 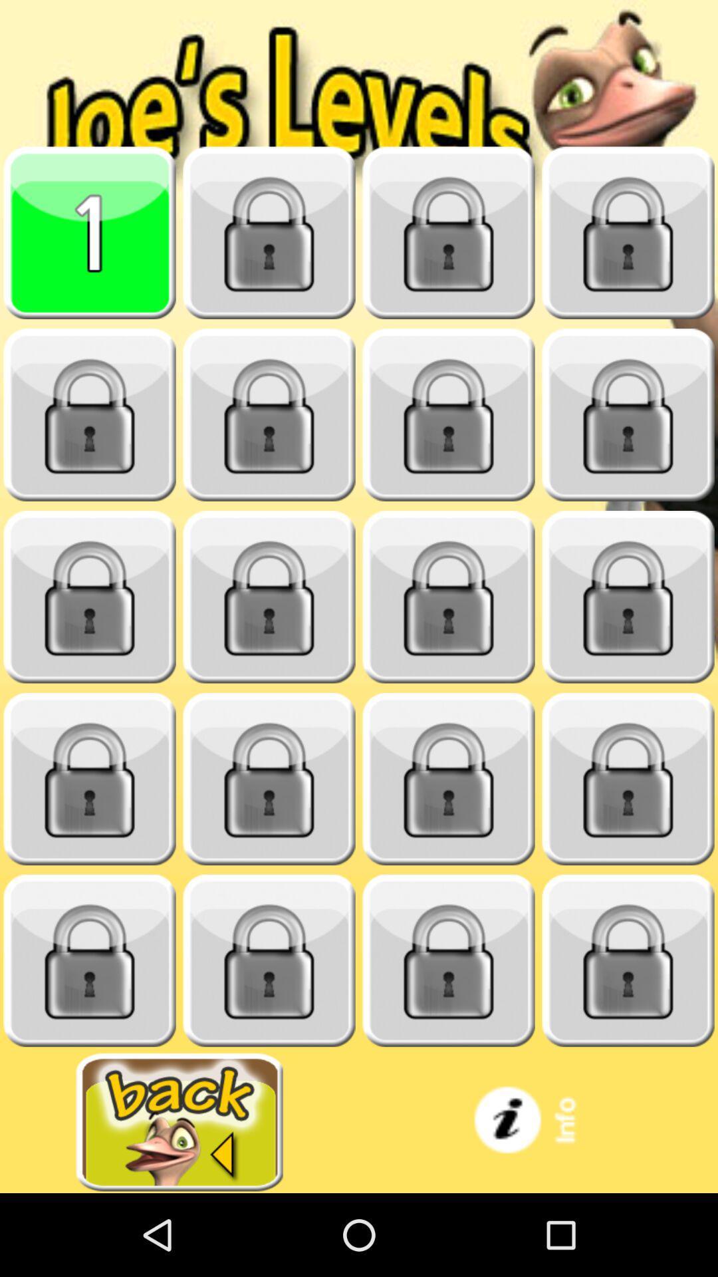 I want to click on level, so click(x=90, y=597).